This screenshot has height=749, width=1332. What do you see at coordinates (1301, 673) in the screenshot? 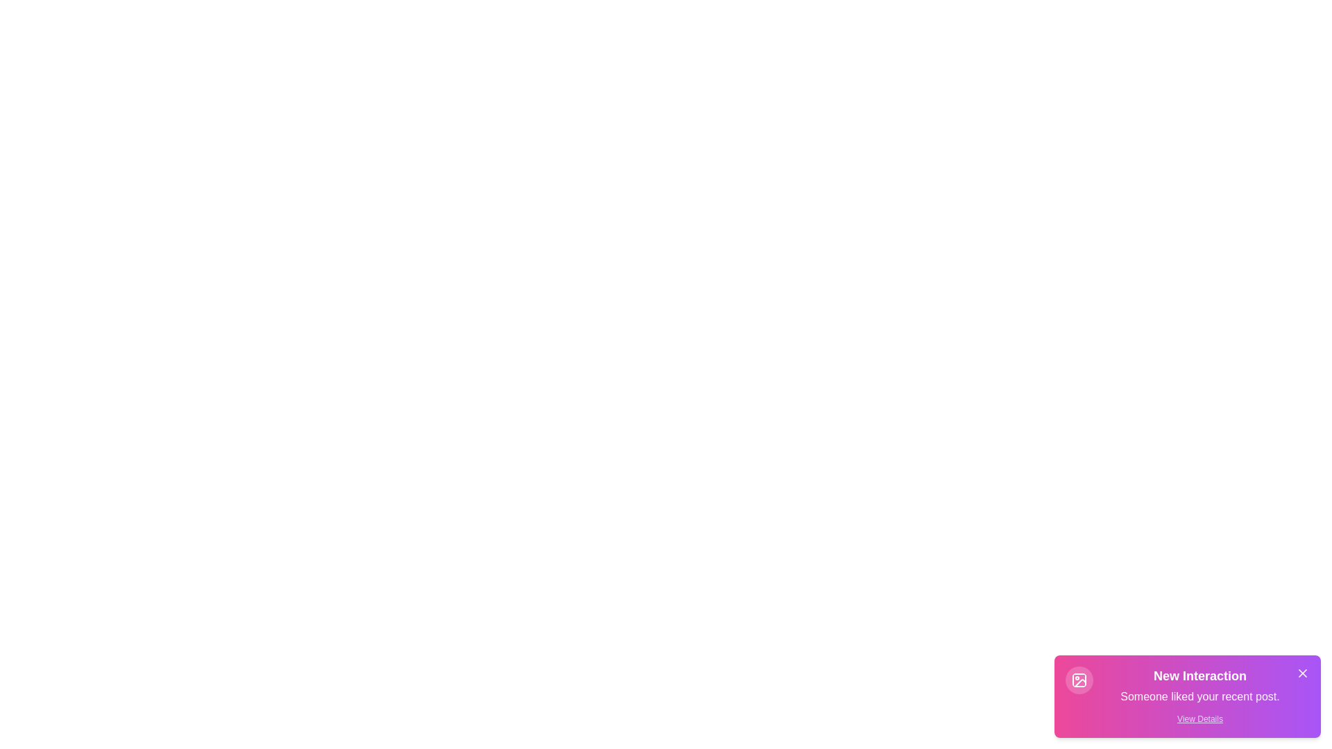
I see `the close button to dismiss the notification` at bounding box center [1301, 673].